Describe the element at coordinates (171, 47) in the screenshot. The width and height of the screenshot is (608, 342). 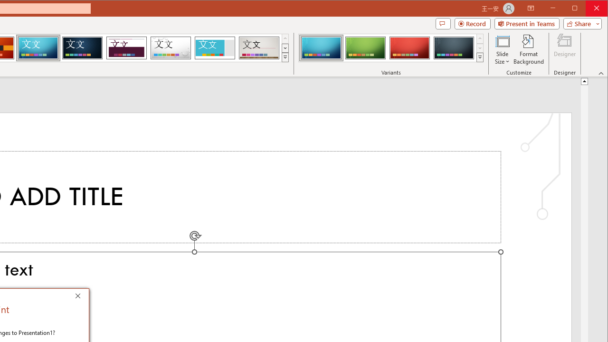
I see `'Droplet'` at that location.